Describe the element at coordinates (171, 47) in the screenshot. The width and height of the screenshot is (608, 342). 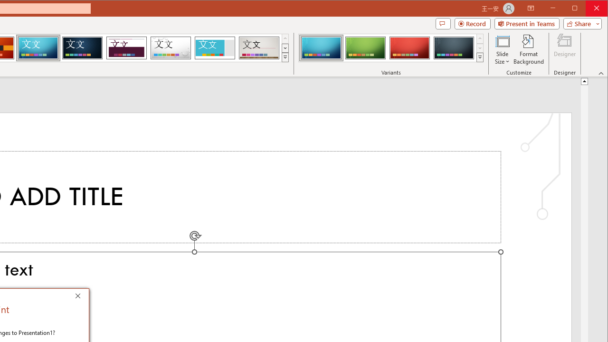
I see `'Droplet'` at that location.